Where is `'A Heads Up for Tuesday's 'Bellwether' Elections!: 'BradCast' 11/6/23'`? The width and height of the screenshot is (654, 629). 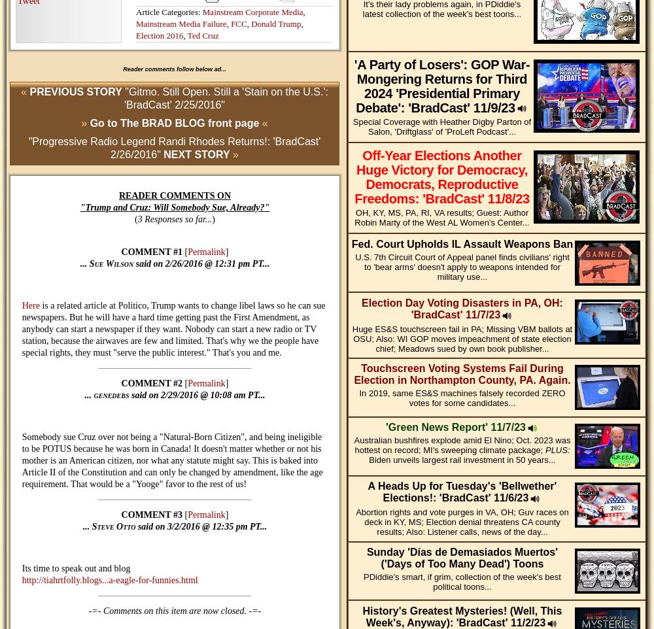 'A Heads Up for Tuesday's 'Bellwether' Elections!: 'BradCast' 11/6/23' is located at coordinates (461, 492).